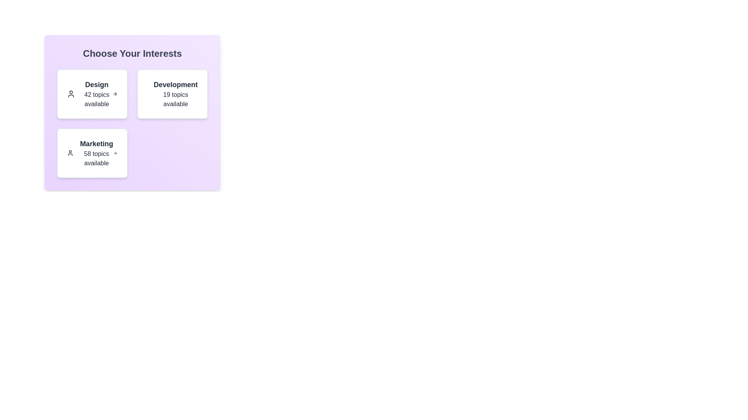 This screenshot has width=748, height=420. What do you see at coordinates (92, 94) in the screenshot?
I see `the chip card corresponding to Design` at bounding box center [92, 94].